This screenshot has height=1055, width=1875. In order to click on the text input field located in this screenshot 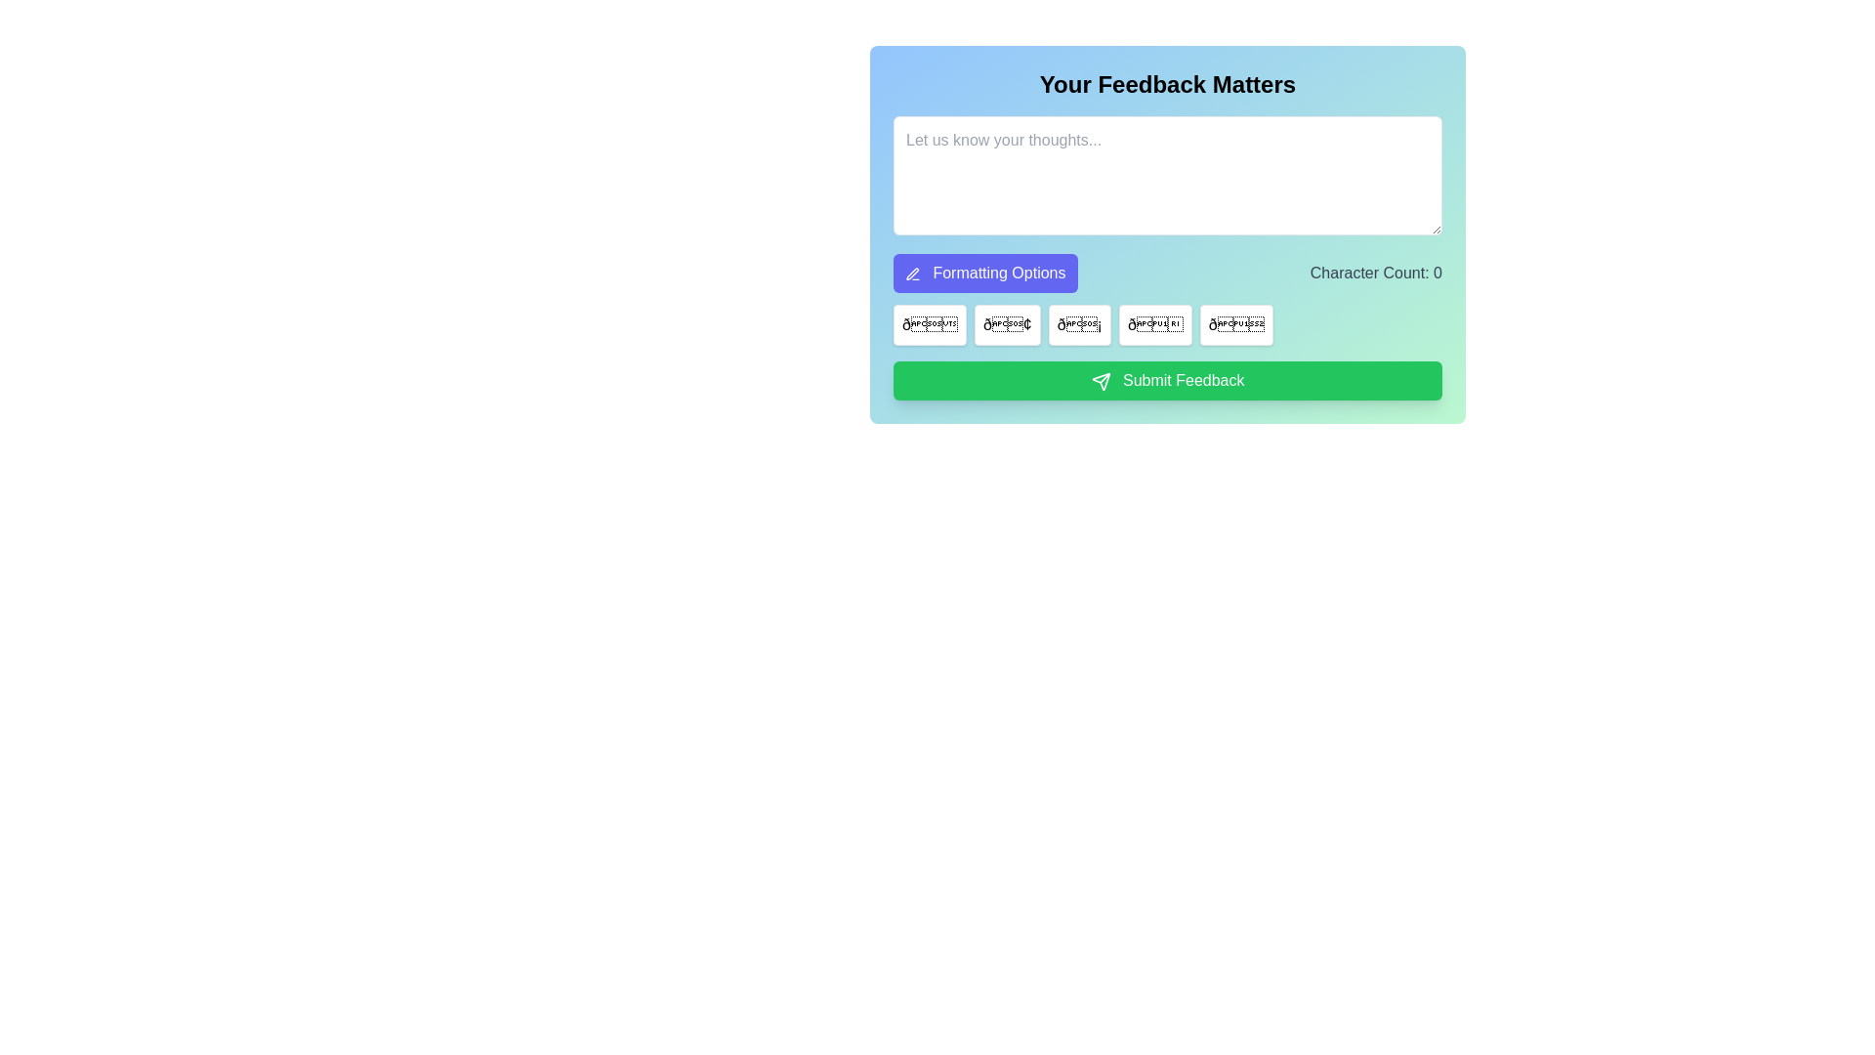, I will do `click(1167, 233)`.